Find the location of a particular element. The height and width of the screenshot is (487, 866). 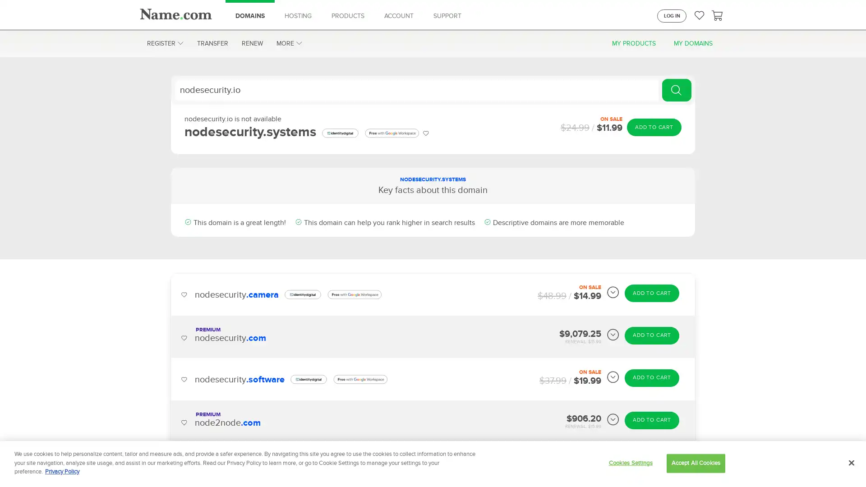

ADD TO CART is located at coordinates (652, 377).